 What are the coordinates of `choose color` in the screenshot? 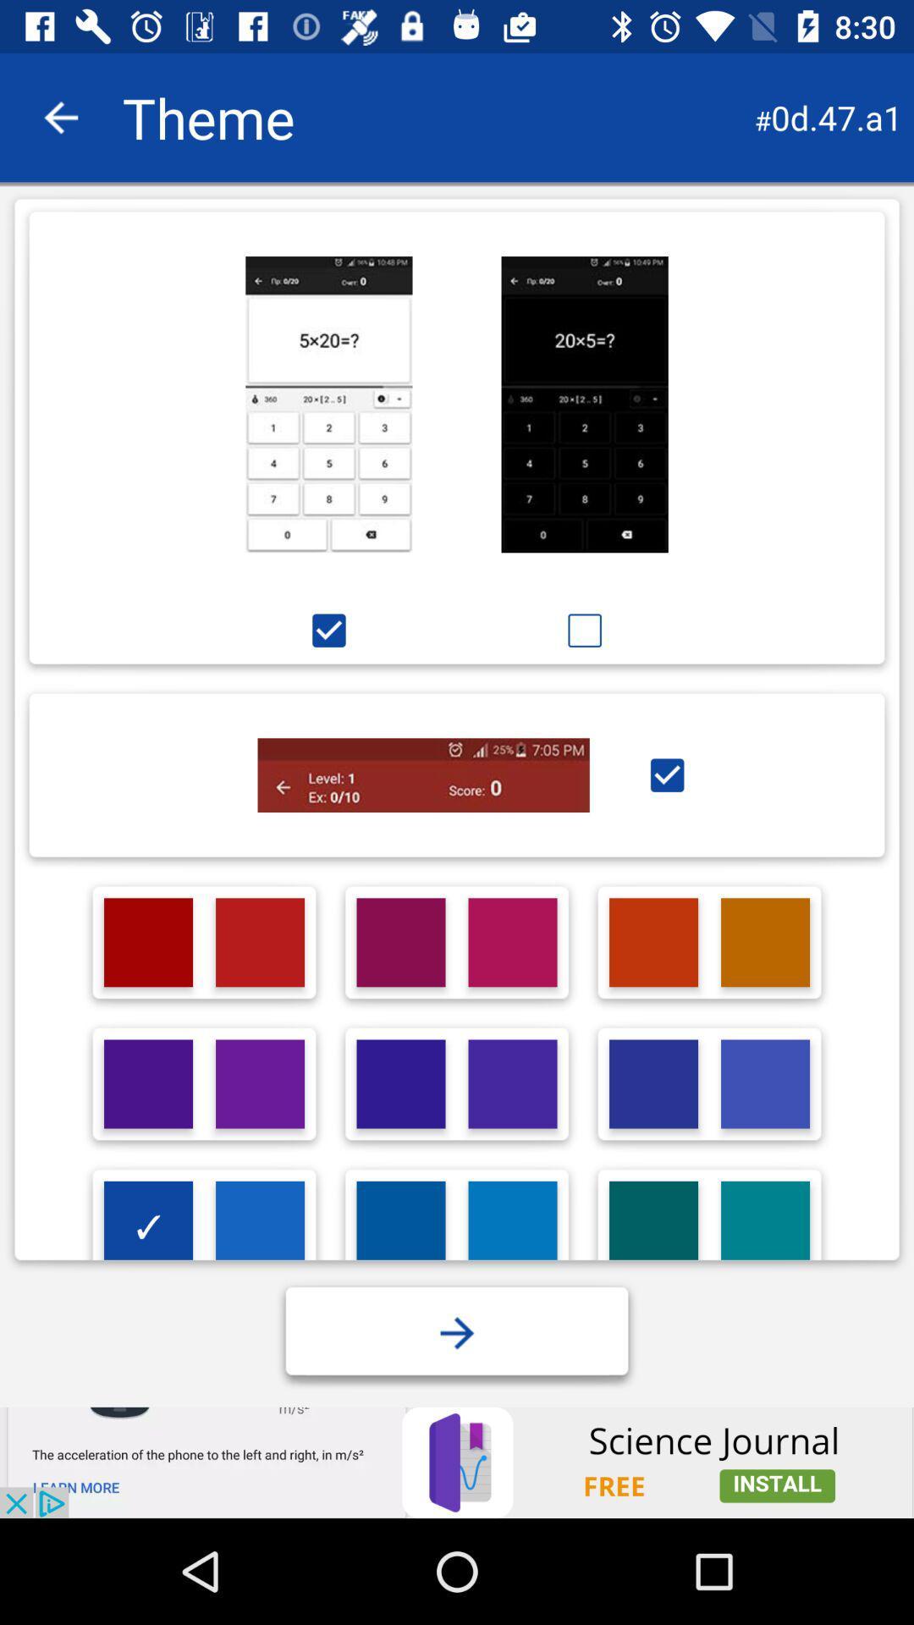 It's located at (511, 1084).